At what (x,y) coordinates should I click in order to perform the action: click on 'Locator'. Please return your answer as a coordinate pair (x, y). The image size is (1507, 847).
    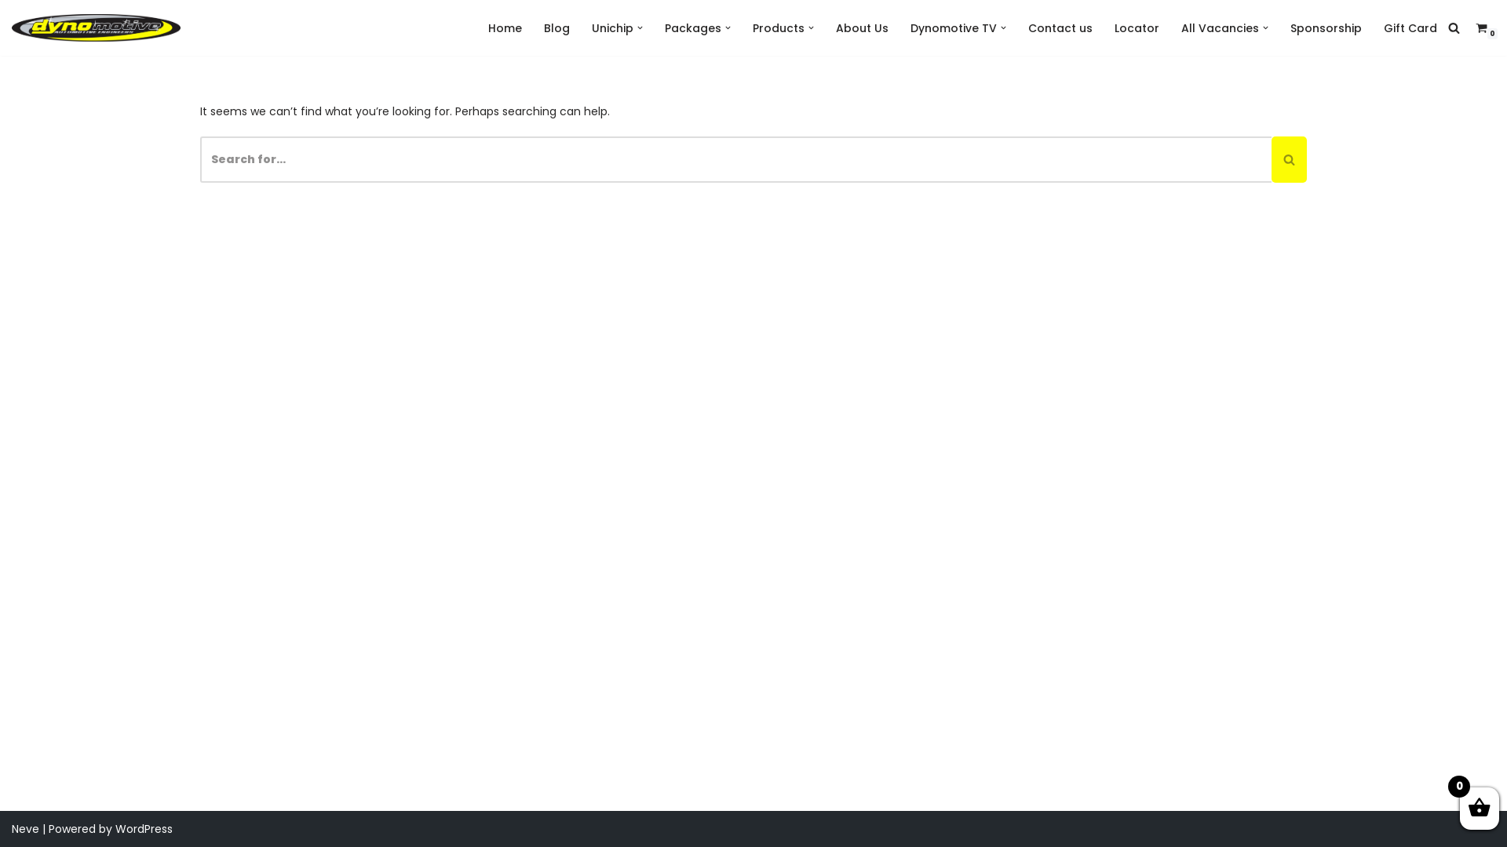
    Looking at the image, I should click on (1137, 27).